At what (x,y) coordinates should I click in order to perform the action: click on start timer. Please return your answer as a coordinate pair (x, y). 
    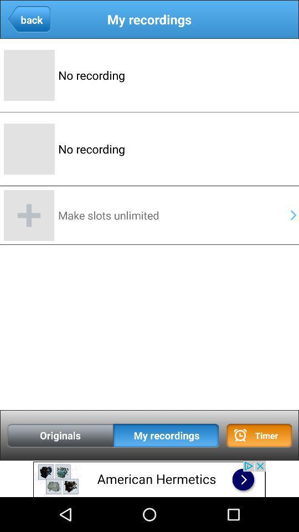
    Looking at the image, I should click on (259, 435).